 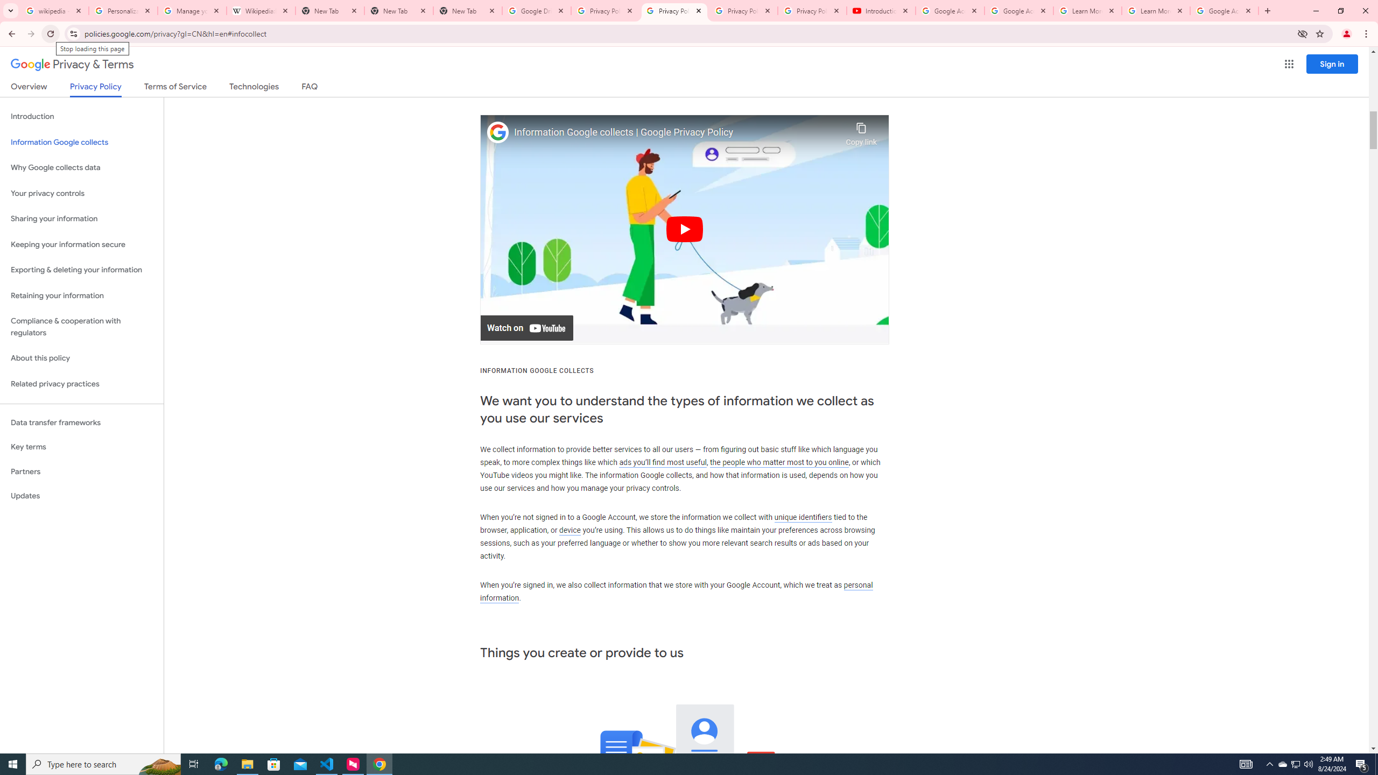 I want to click on 'Watch on YouTube', so click(x=526, y=327).